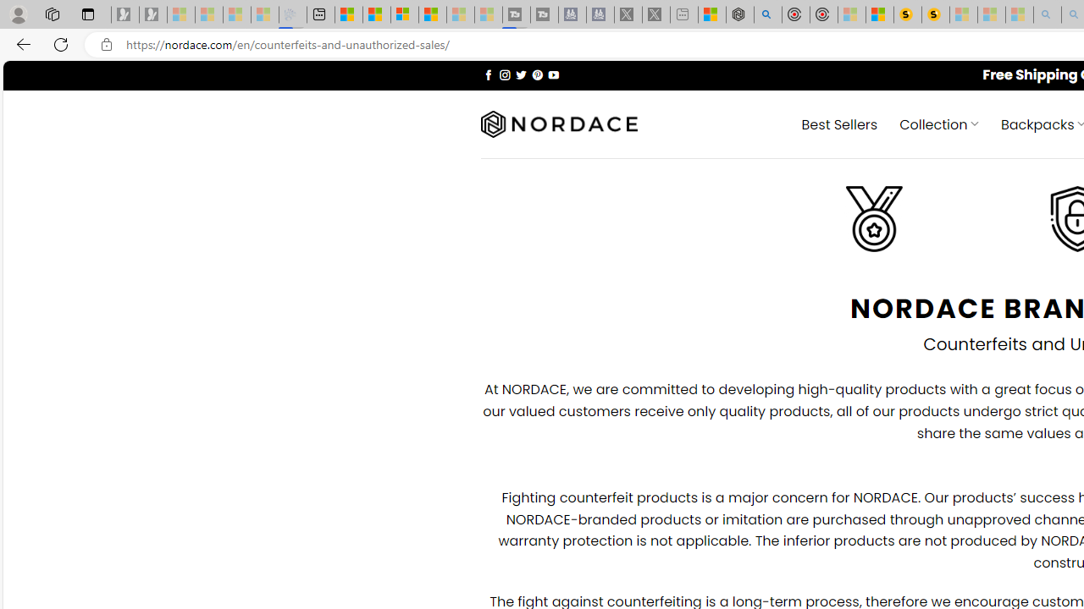 This screenshot has width=1084, height=609. Describe the element at coordinates (1047, 14) in the screenshot. I see `'amazon - Search - Sleeping'` at that location.